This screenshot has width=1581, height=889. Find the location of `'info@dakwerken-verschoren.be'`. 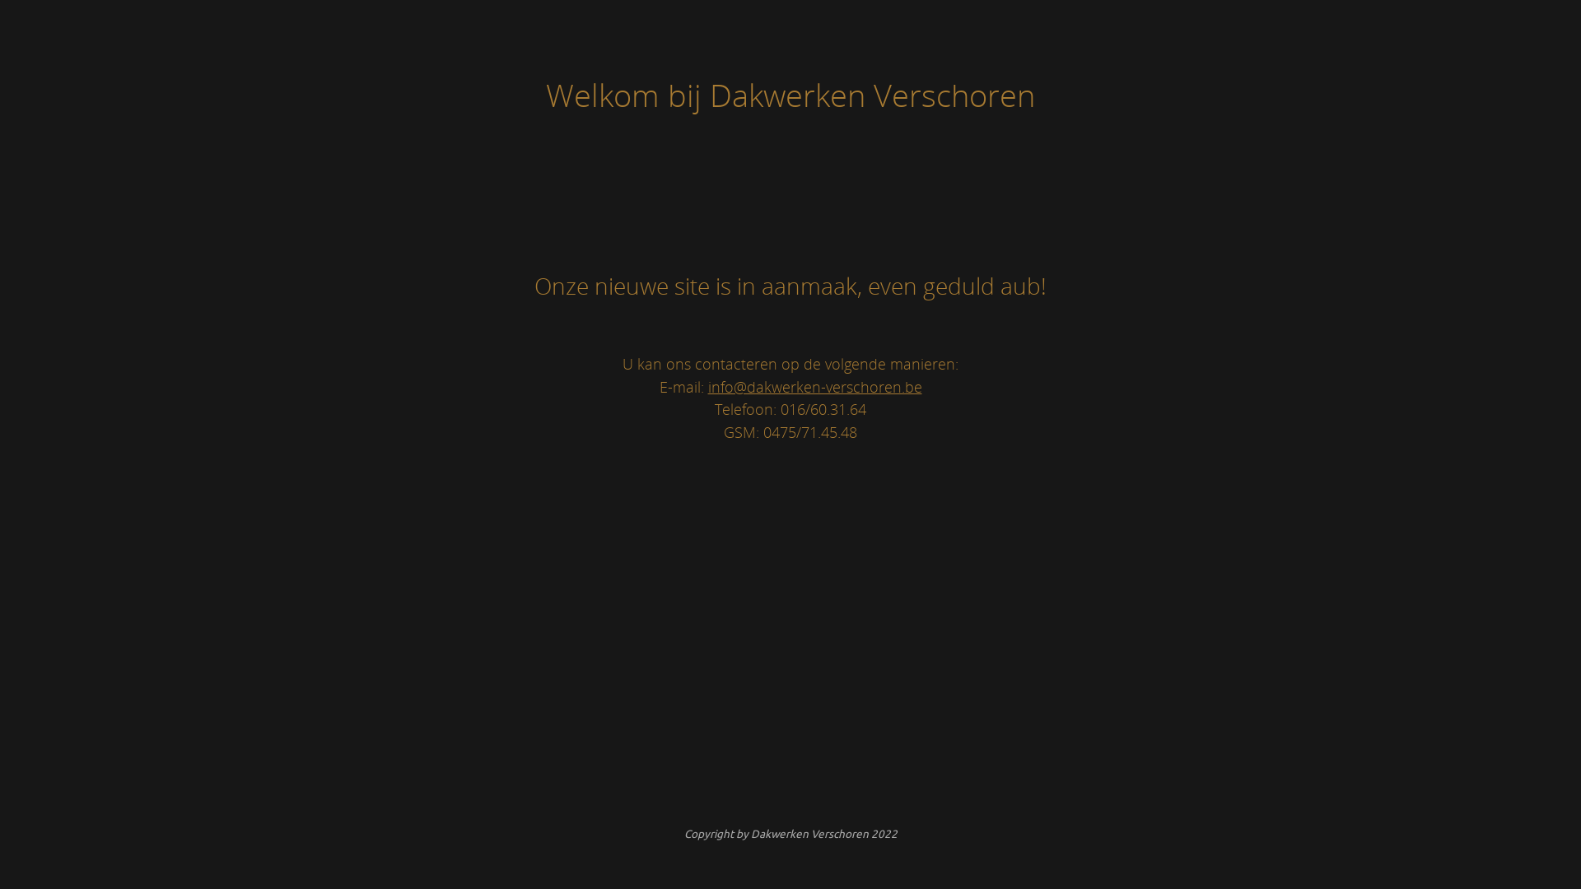

'info@dakwerken-verschoren.be' is located at coordinates (814, 386).